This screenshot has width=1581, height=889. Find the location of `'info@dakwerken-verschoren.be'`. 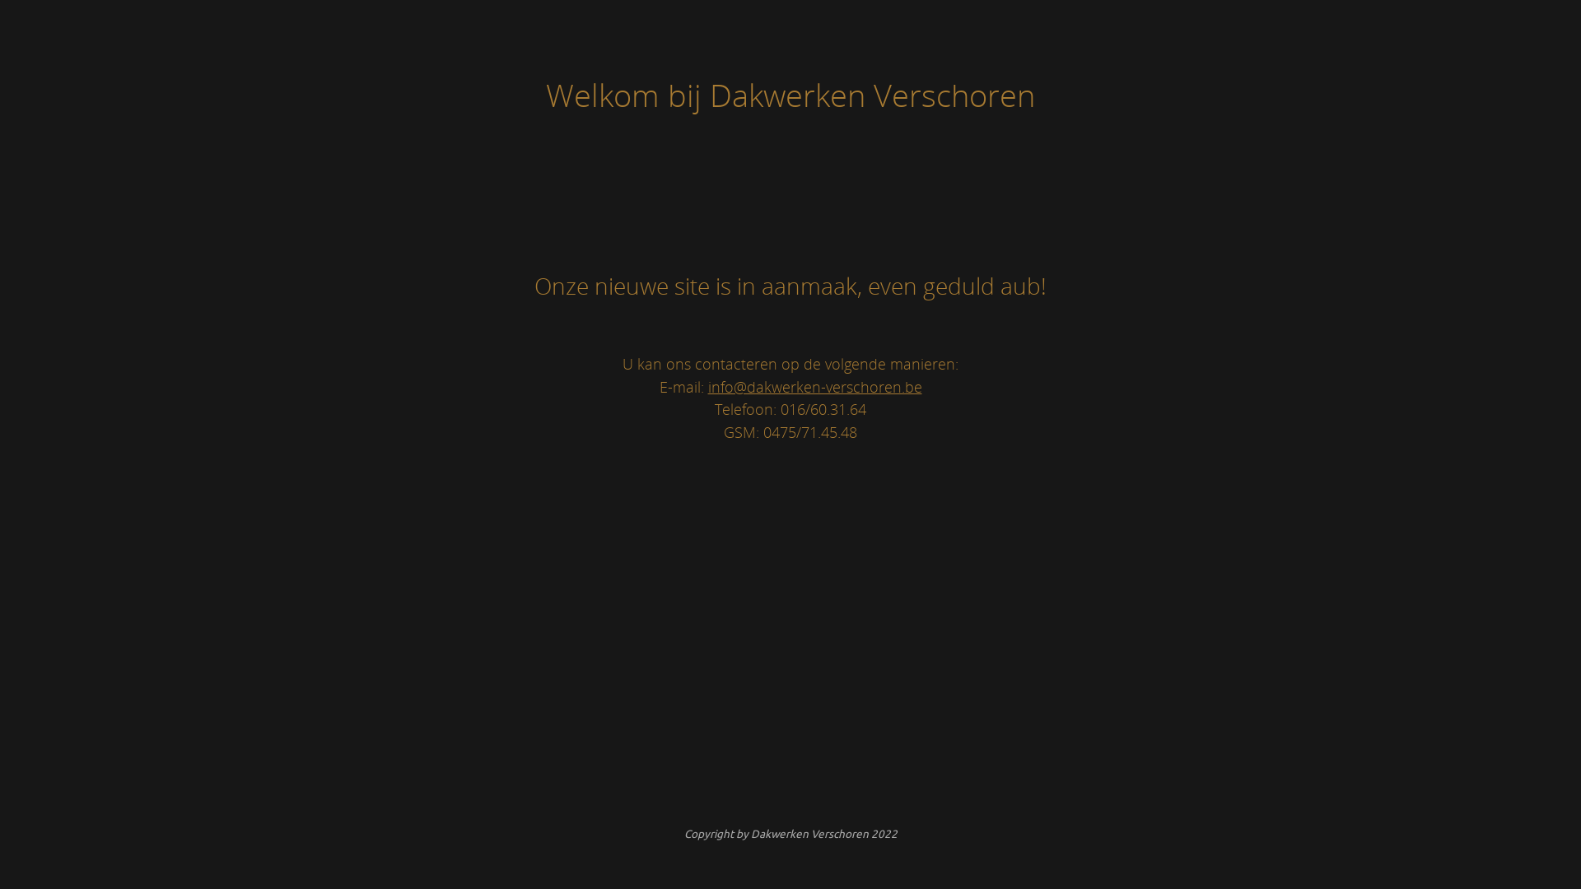

'info@dakwerken-verschoren.be' is located at coordinates (814, 386).